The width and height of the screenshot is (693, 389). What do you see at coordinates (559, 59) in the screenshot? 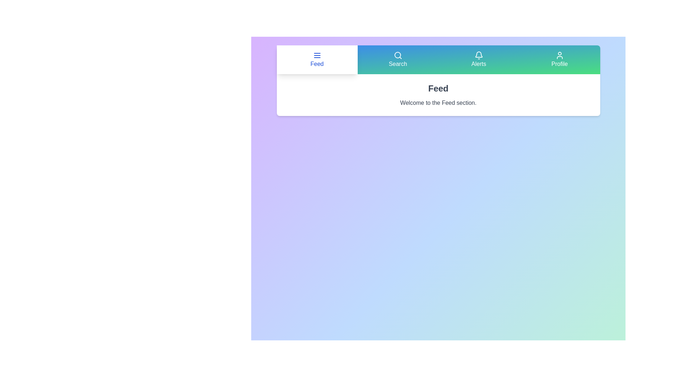
I see `the Profile tab` at bounding box center [559, 59].